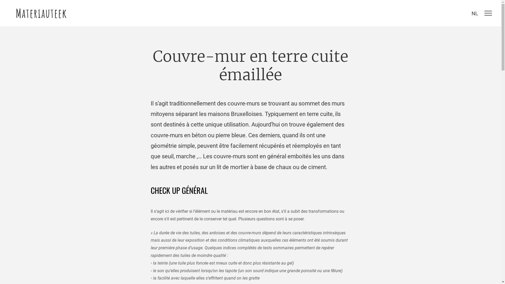 Image resolution: width=505 pixels, height=284 pixels. I want to click on 'Materiauteek', so click(41, 13).